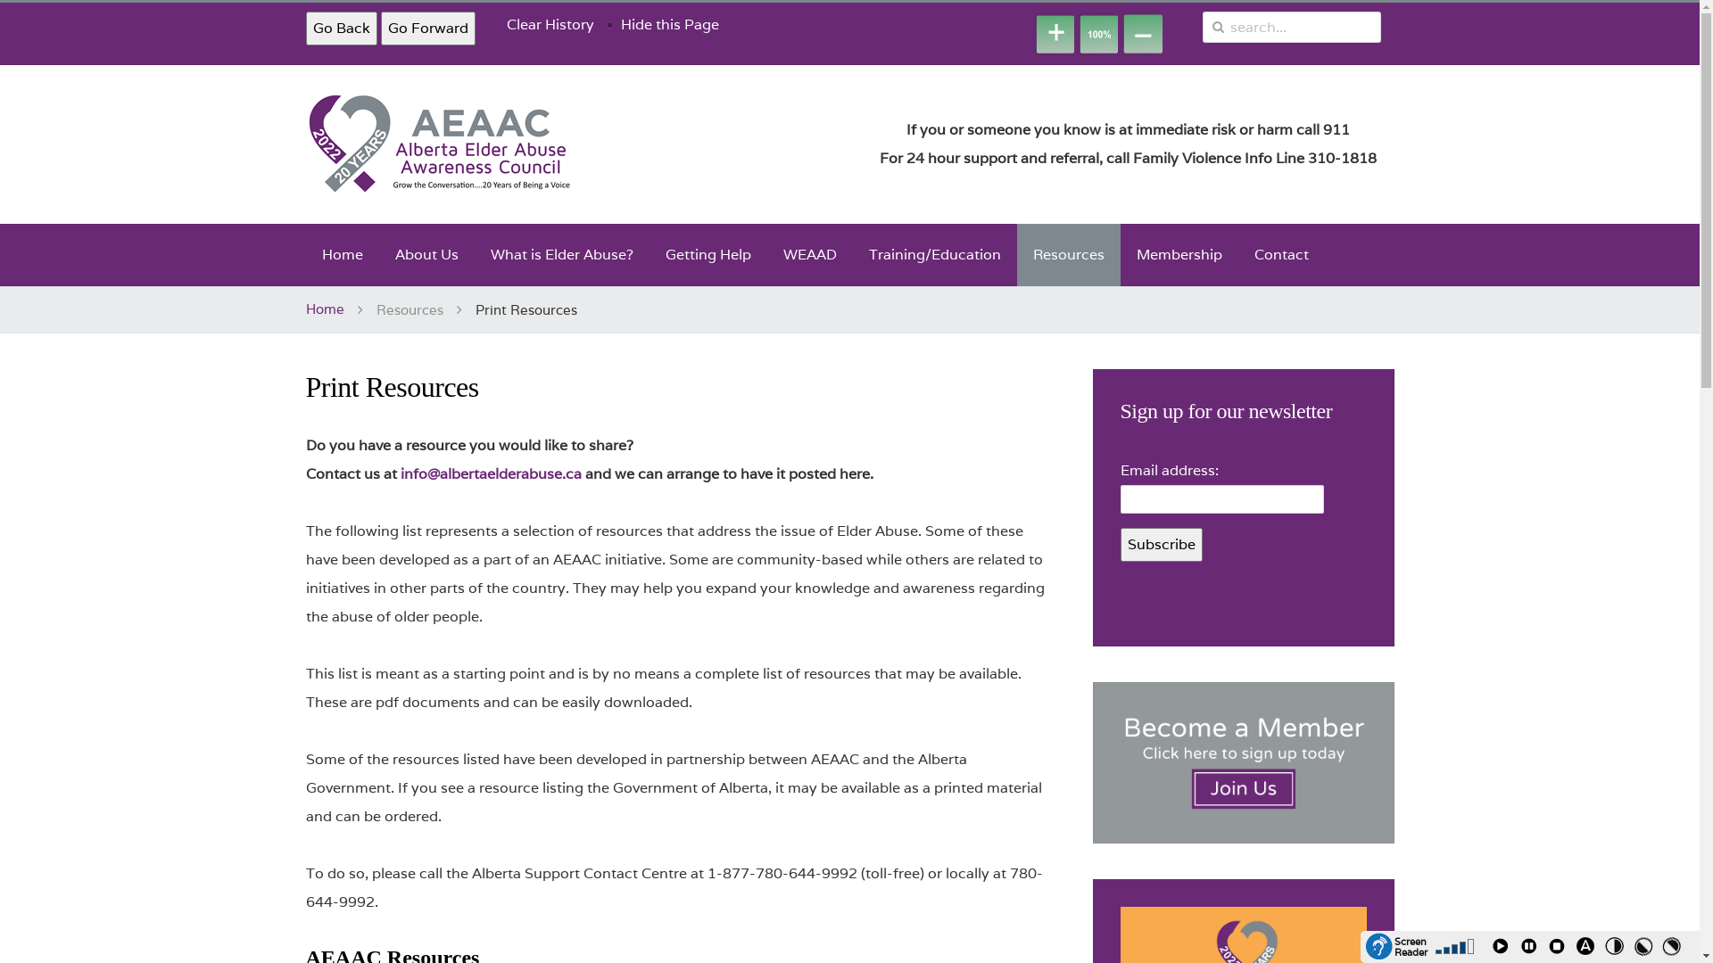 This screenshot has width=1713, height=963. Describe the element at coordinates (475, 254) in the screenshot. I see `'What is Elder Abuse?'` at that location.